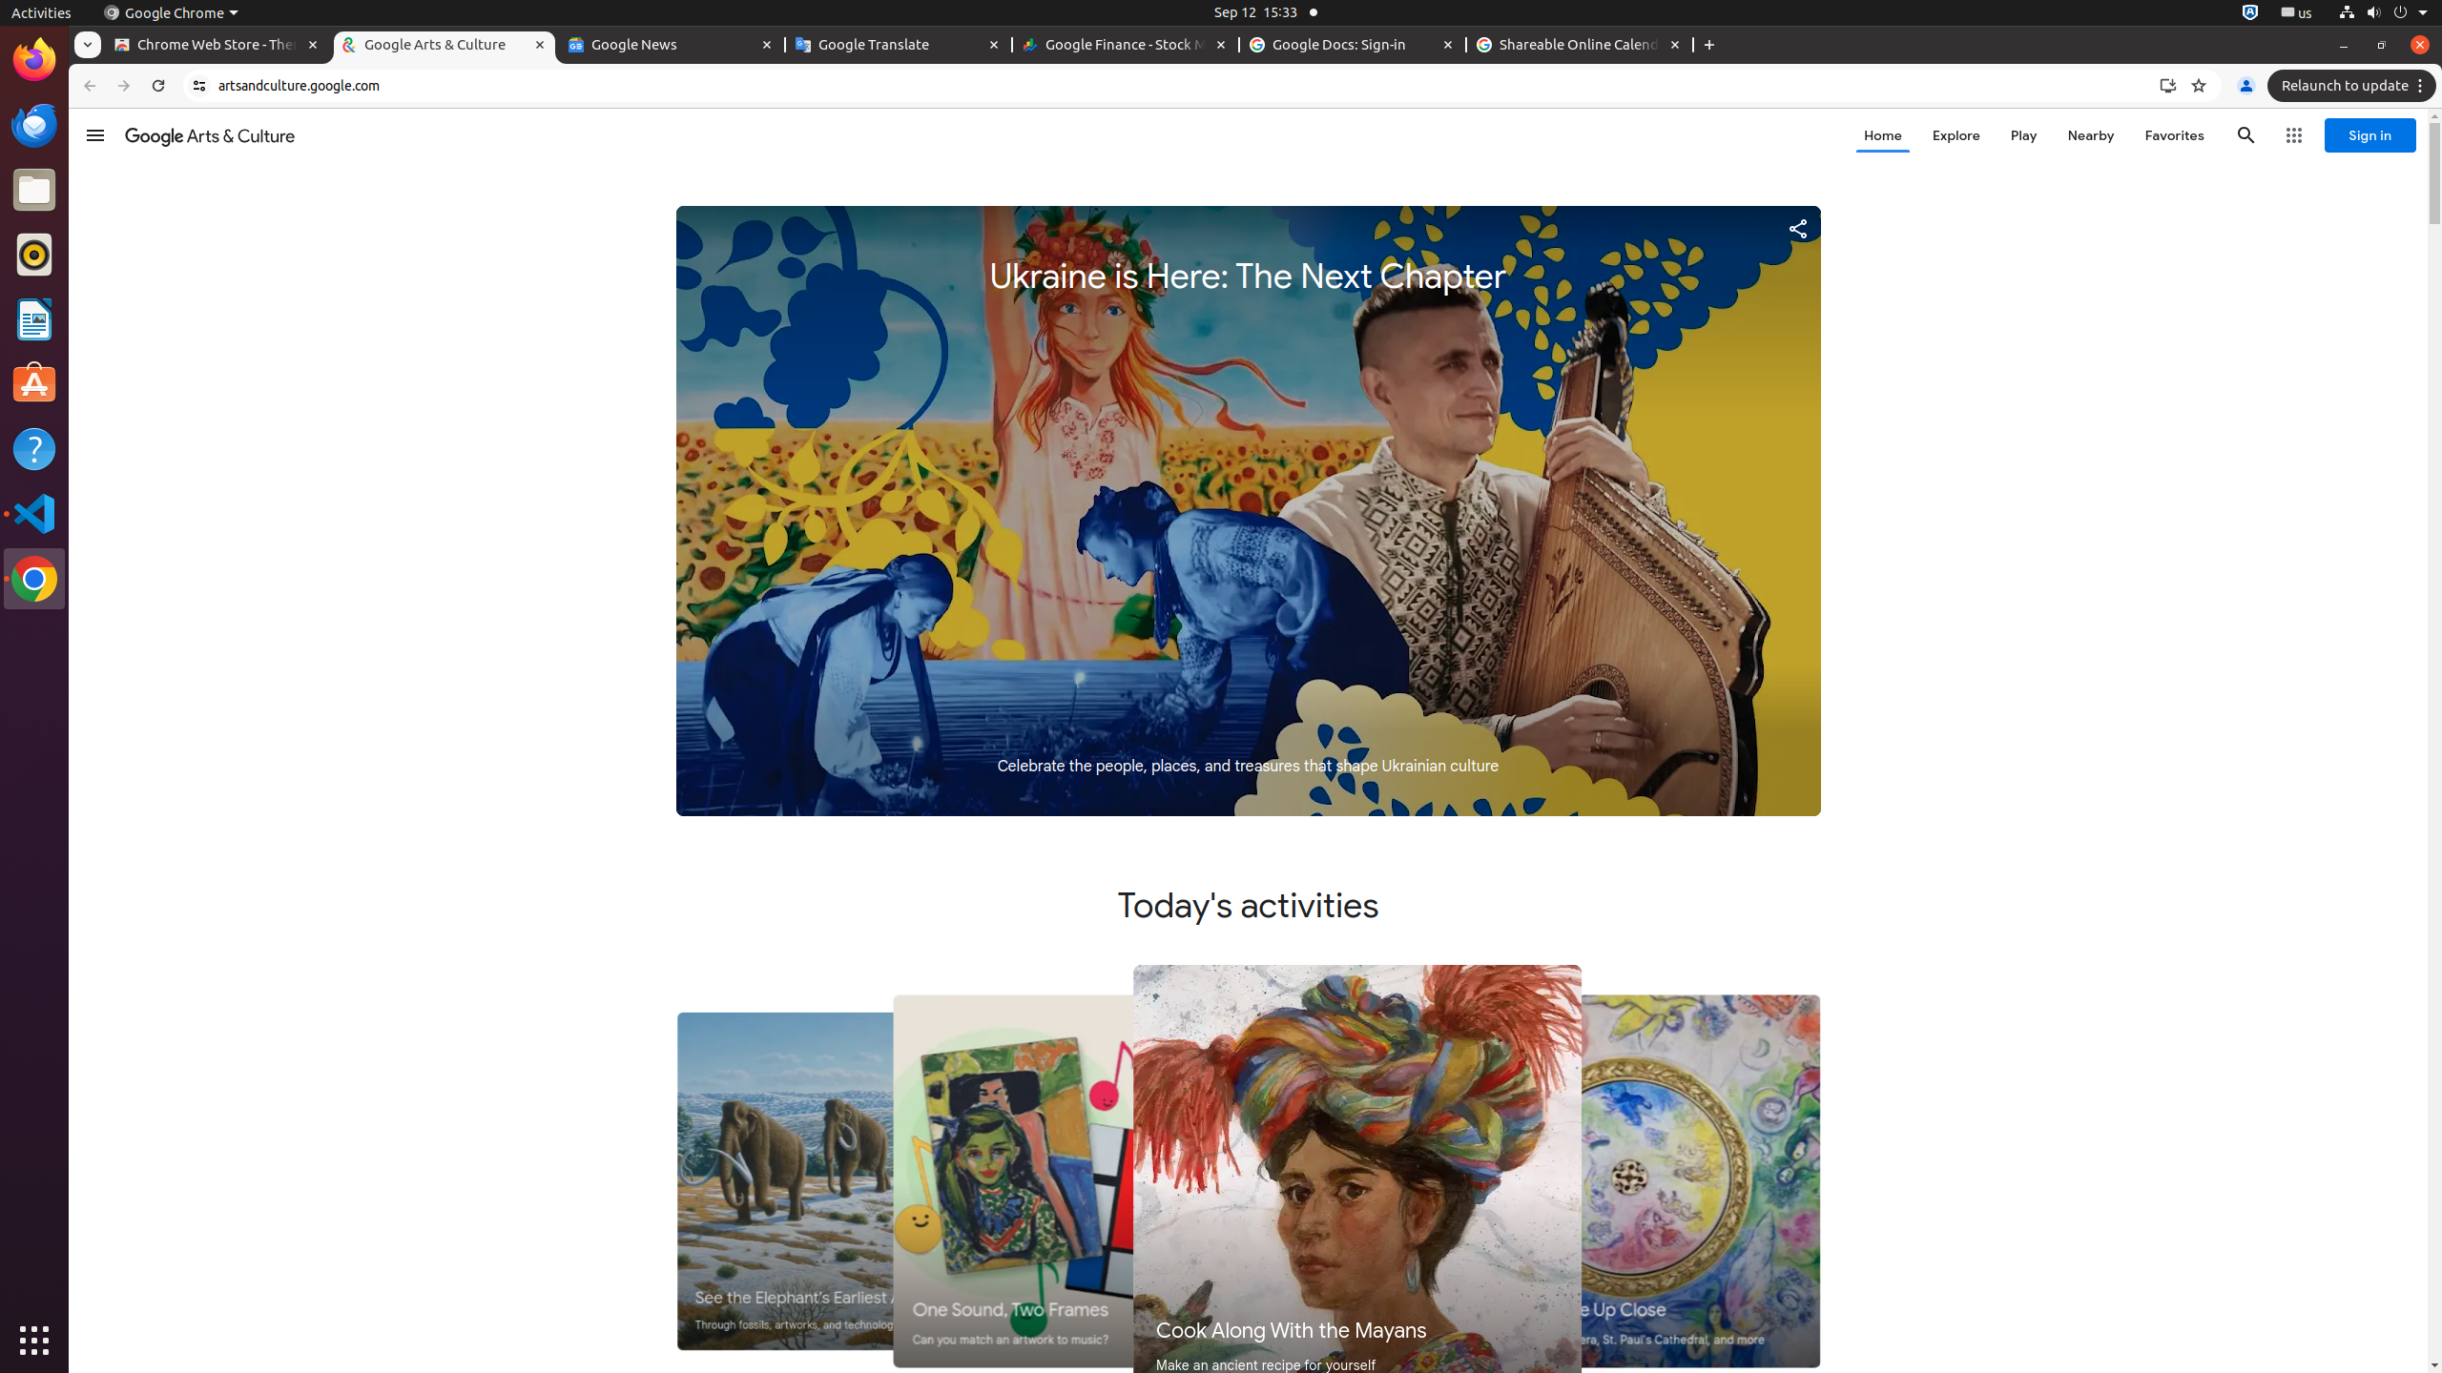 The image size is (2442, 1373). Describe the element at coordinates (1956, 134) in the screenshot. I see `'Explore'` at that location.